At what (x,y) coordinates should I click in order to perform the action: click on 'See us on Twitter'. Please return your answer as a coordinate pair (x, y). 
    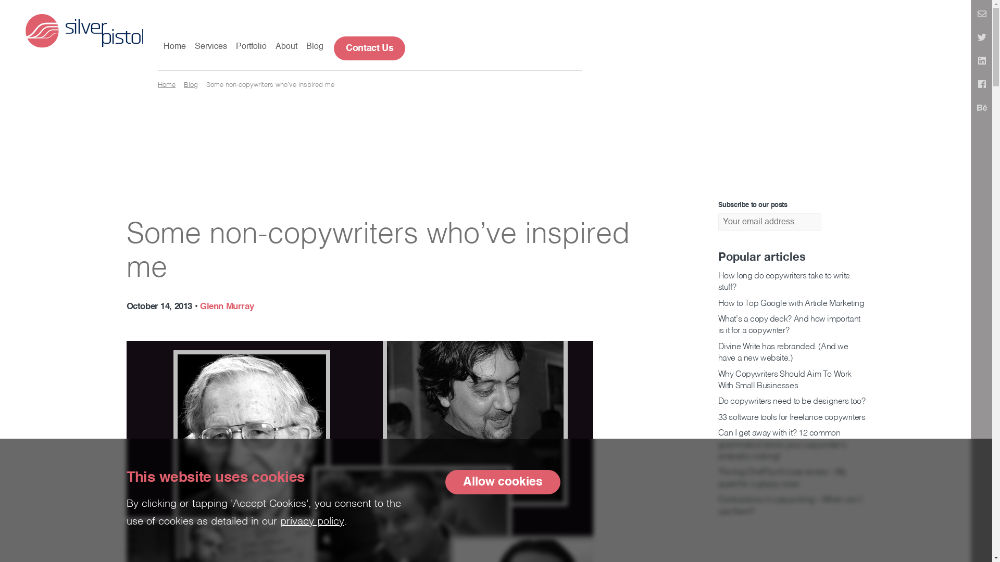
    Looking at the image, I should click on (981, 37).